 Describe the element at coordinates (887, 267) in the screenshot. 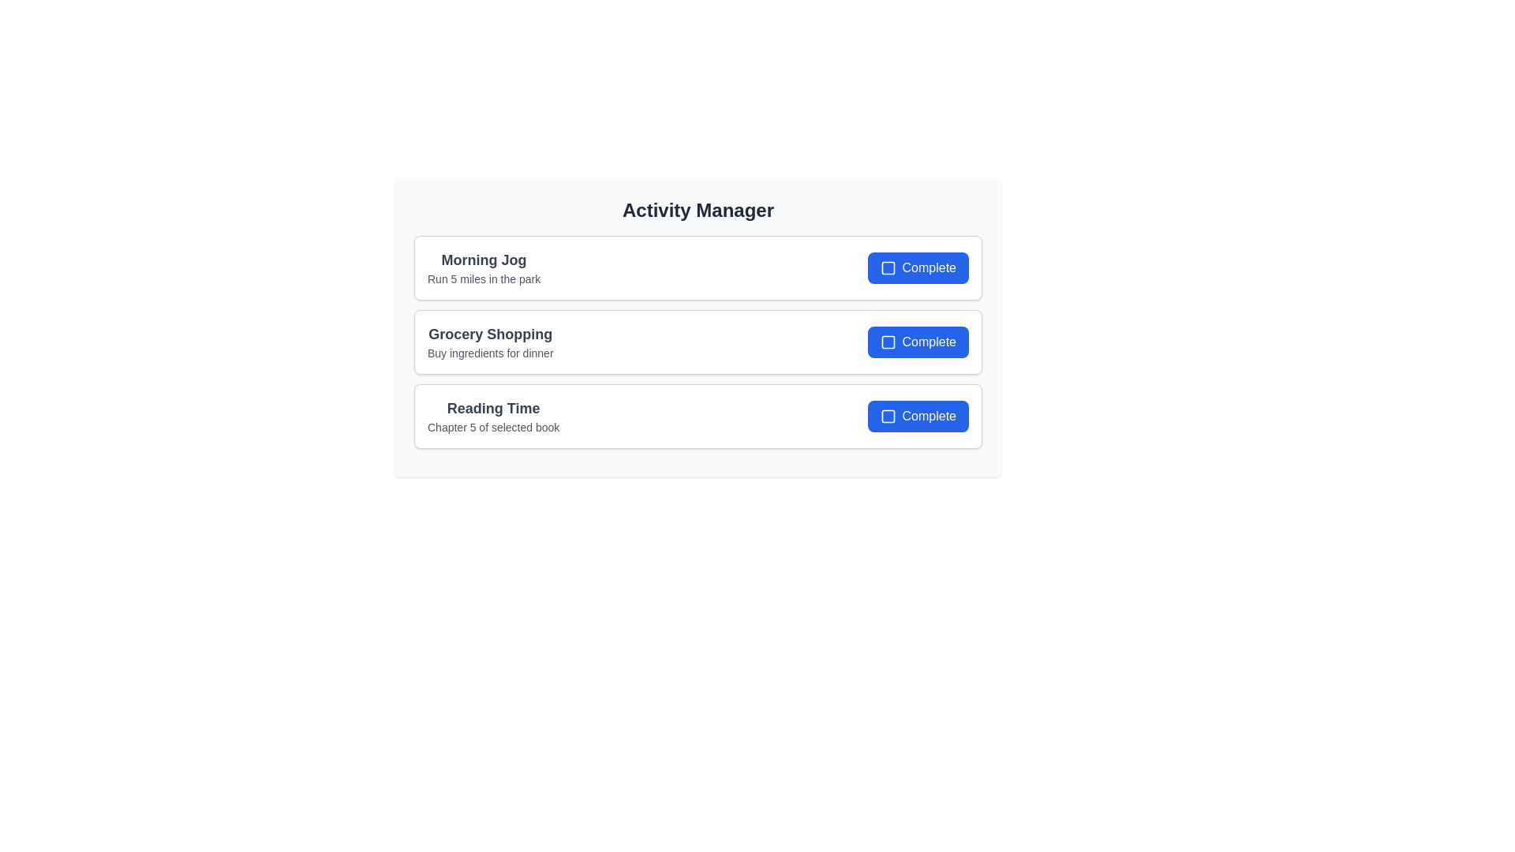

I see `the checkbox icon representing completion status located` at that location.